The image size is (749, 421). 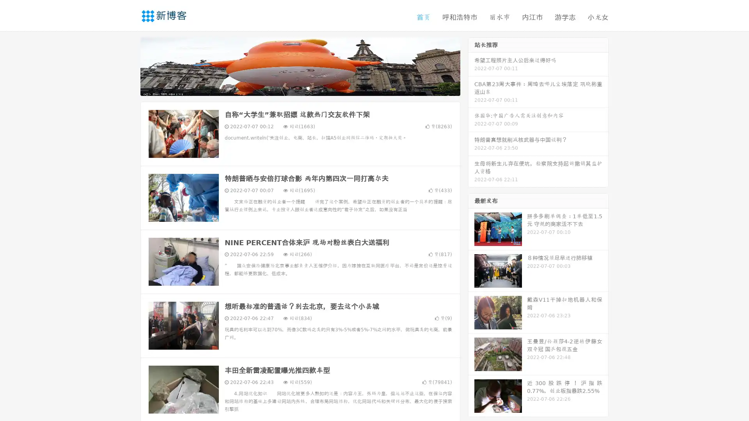 I want to click on Go to slide 1, so click(x=292, y=88).